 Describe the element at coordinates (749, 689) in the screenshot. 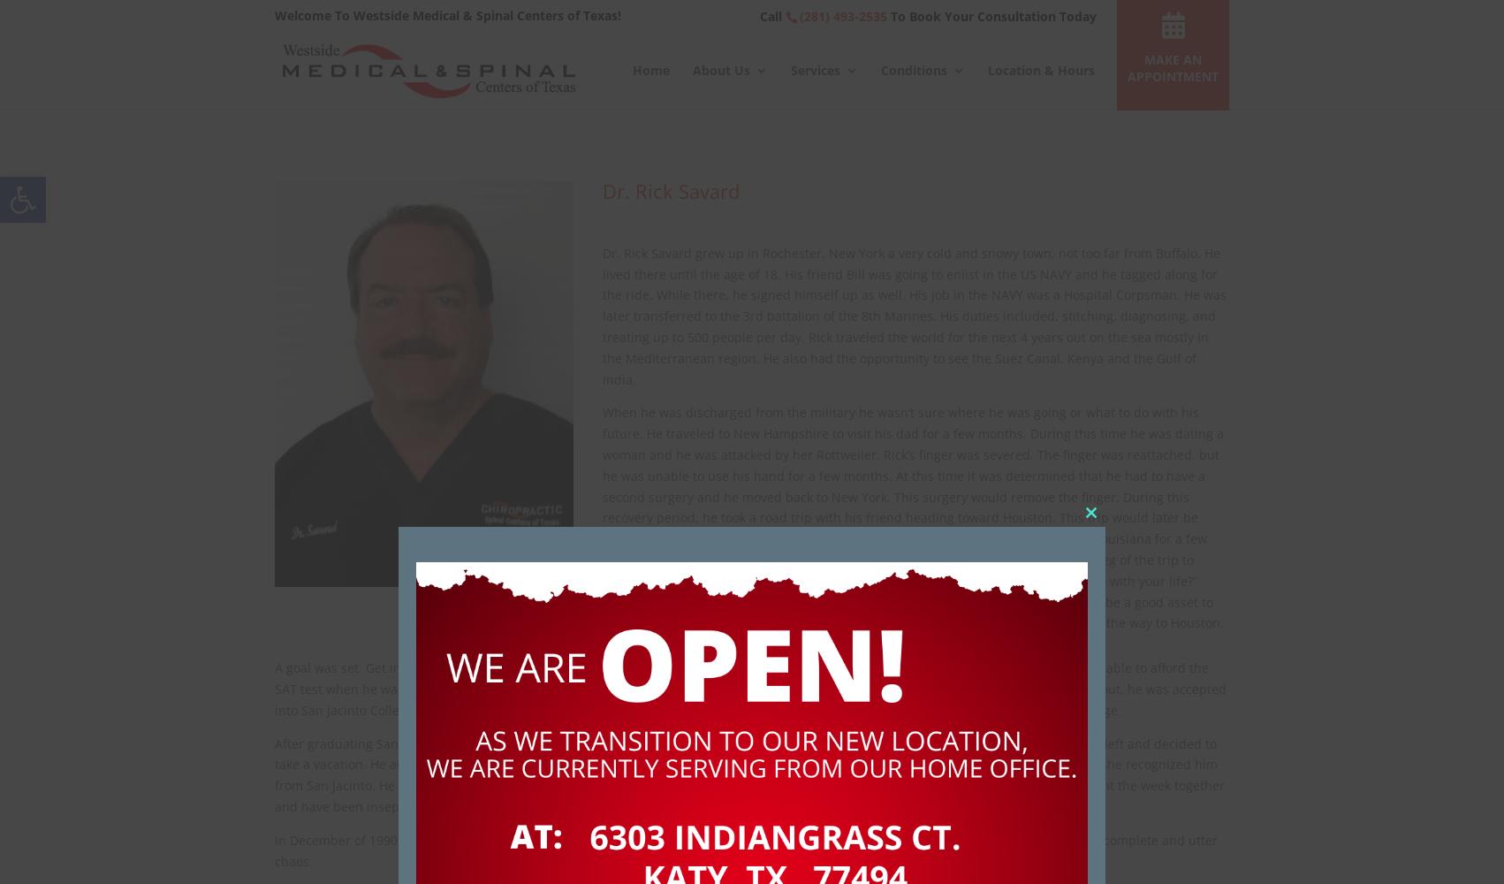

I see `'A goal was set. Get into a college and register for Chiropractic school. A deep fear resurfaced. What if he wasn’t accepted? His mom had not able to afford the SAT test when he was younger that was required to enroll, and he worried that he would not be accepted because of this test. As it turned out, he was accepted into San Jacinto College. They had all the prerequisites, including the premed classes that were needed to enroll at Texas Chiropractic College.'` at that location.